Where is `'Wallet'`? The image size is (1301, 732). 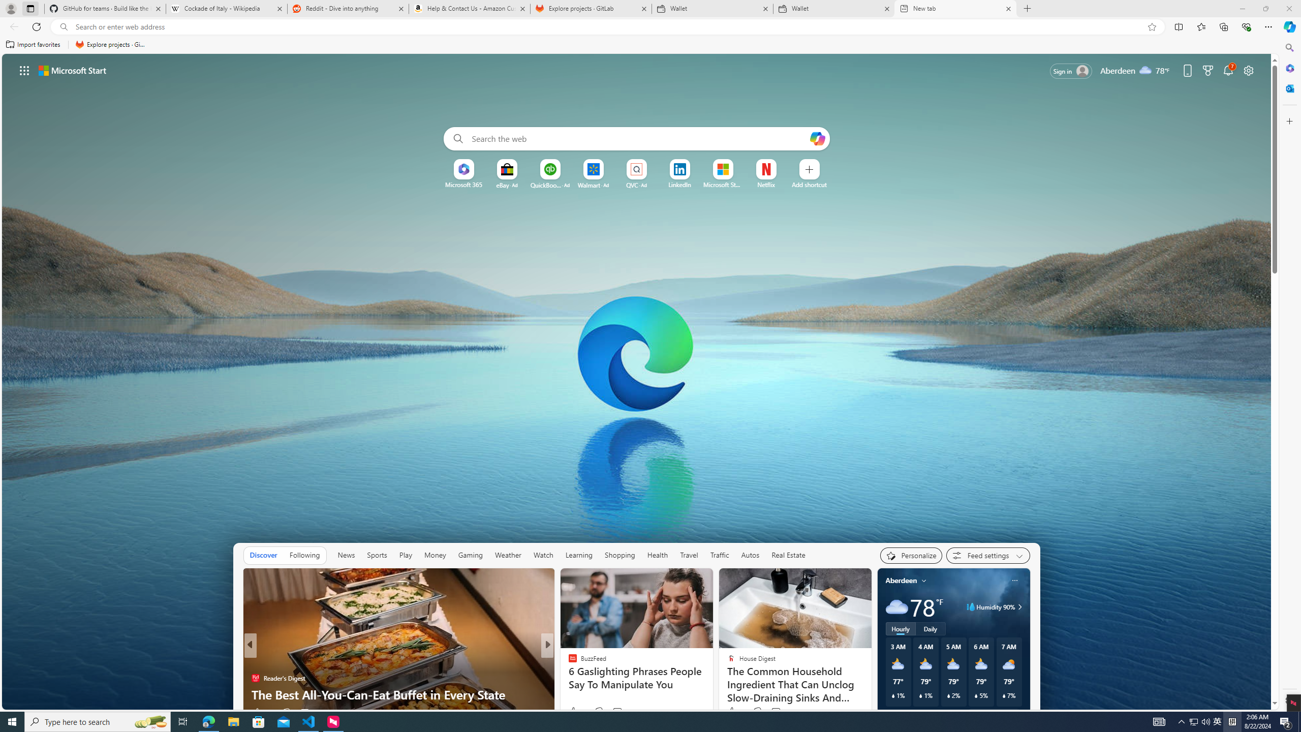
'Wallet' is located at coordinates (833, 8).